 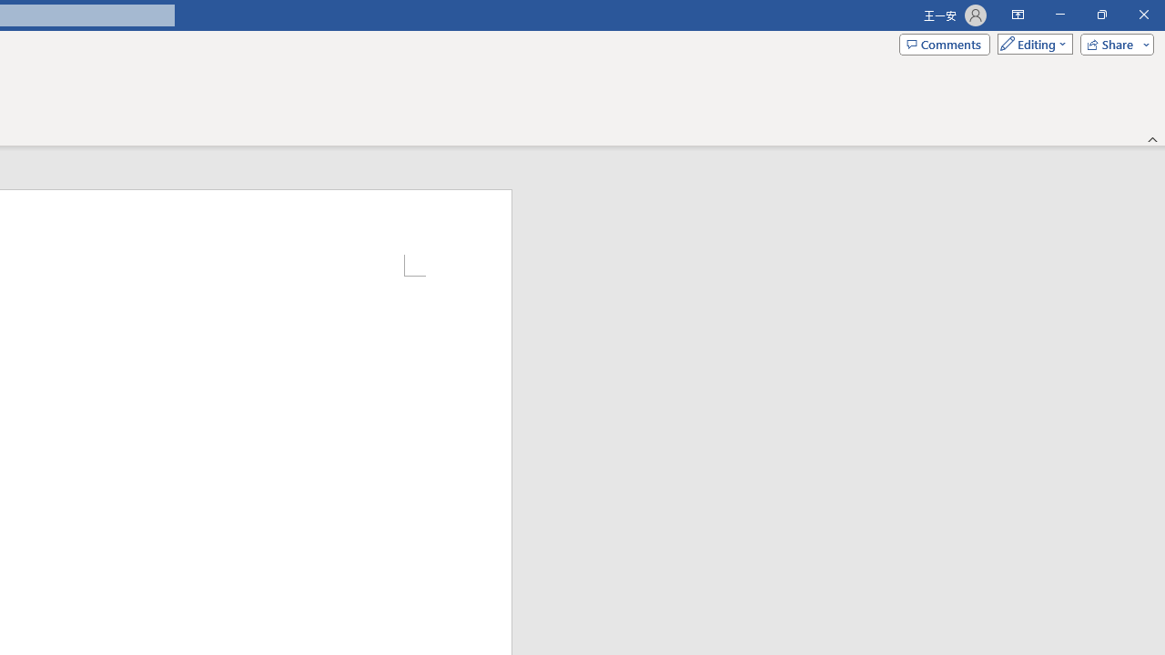 I want to click on 'Restore Down', so click(x=1100, y=15).